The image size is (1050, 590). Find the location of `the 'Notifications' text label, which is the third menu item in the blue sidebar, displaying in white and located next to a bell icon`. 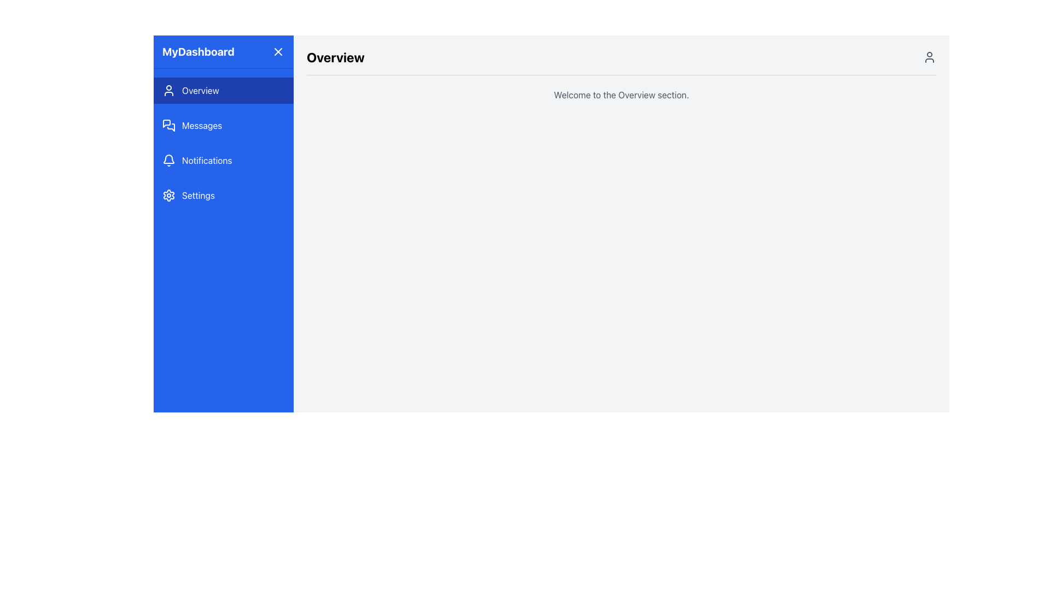

the 'Notifications' text label, which is the third menu item in the blue sidebar, displaying in white and located next to a bell icon is located at coordinates (207, 160).